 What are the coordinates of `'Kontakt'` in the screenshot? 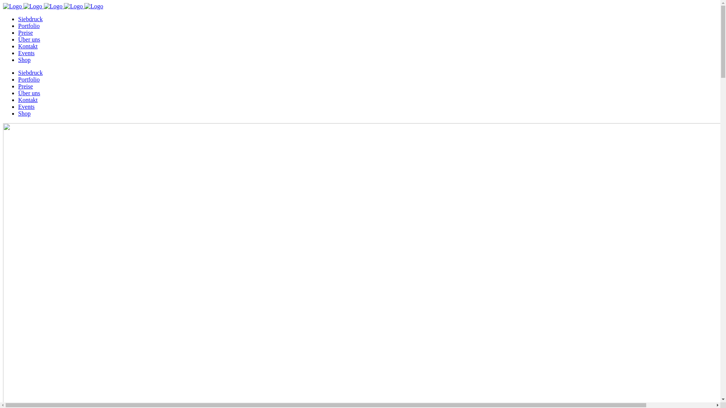 It's located at (28, 46).